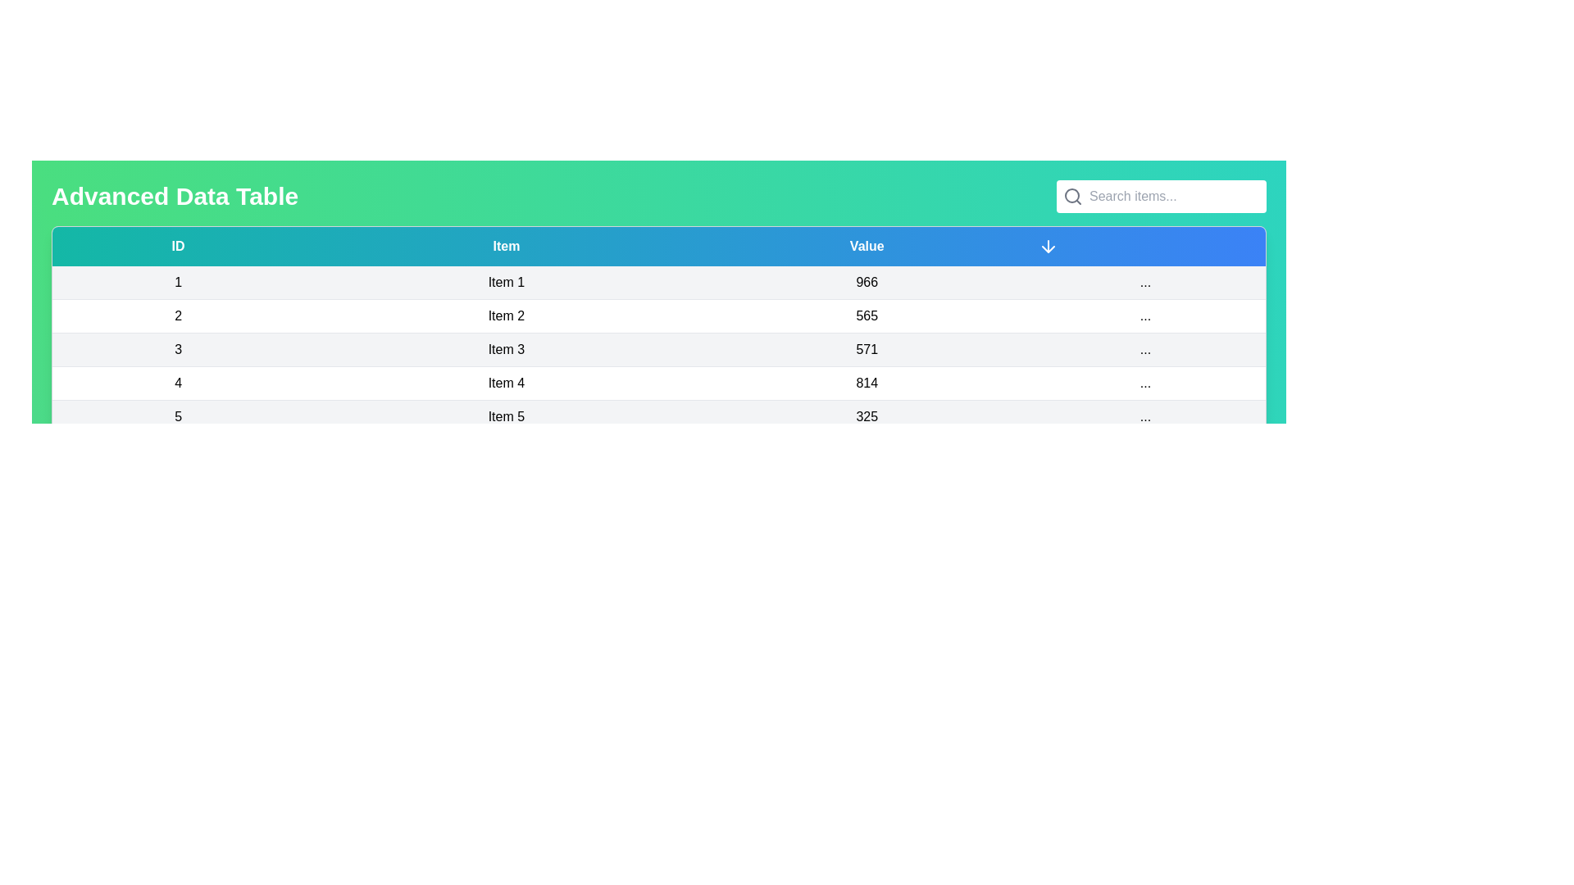 The width and height of the screenshot is (1574, 885). Describe the element at coordinates (177, 281) in the screenshot. I see `the text in the row corresponding to 1` at that location.